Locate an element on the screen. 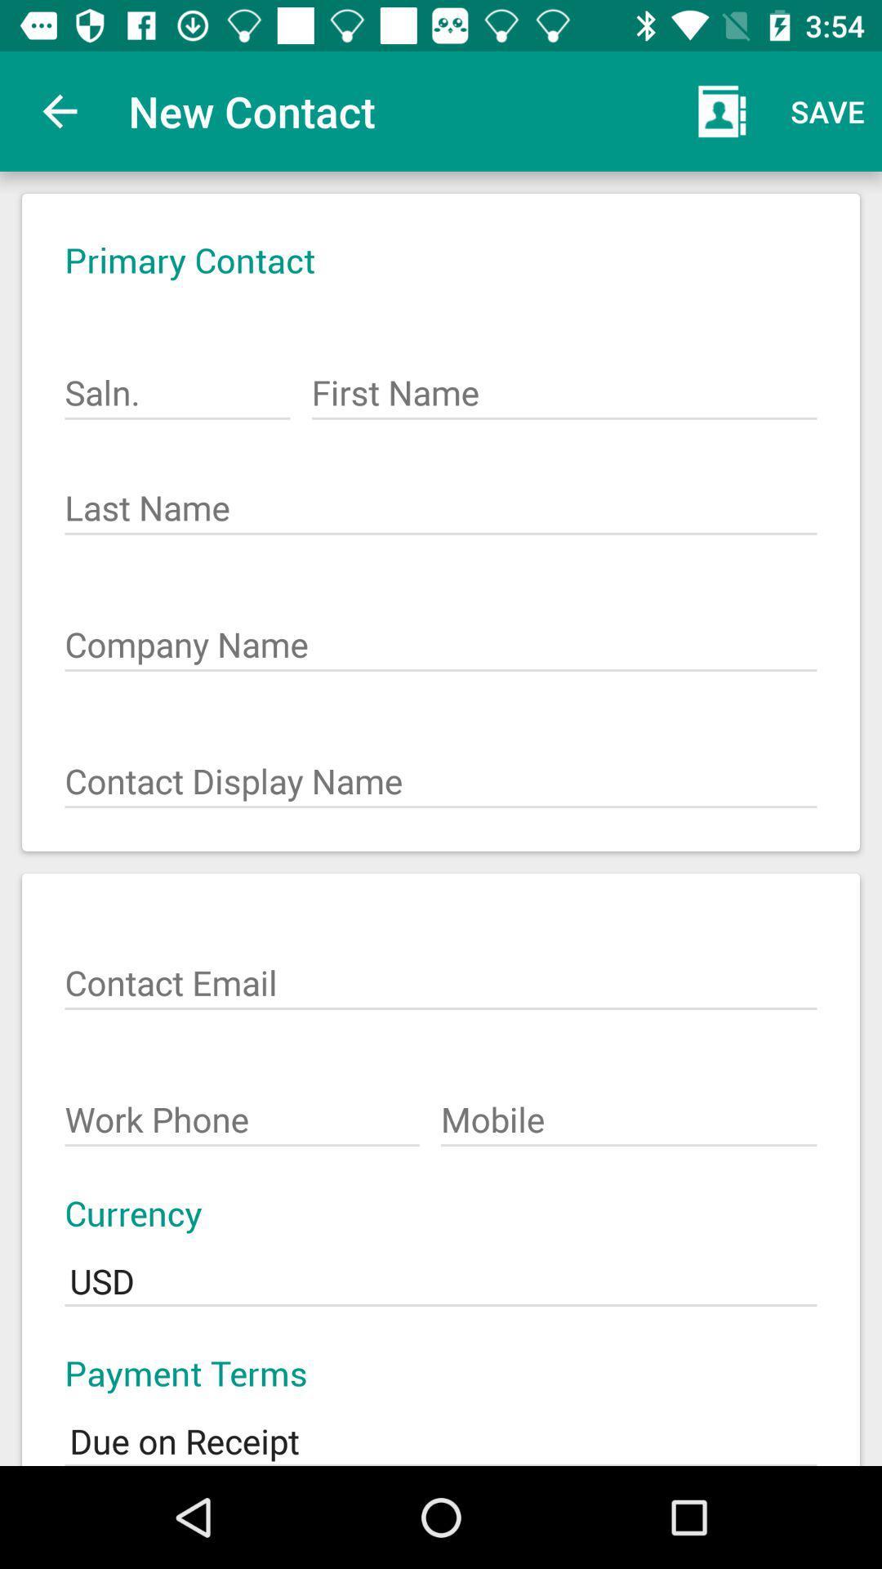 The height and width of the screenshot is (1569, 882). the icon below primary contact icon is located at coordinates (177, 383).